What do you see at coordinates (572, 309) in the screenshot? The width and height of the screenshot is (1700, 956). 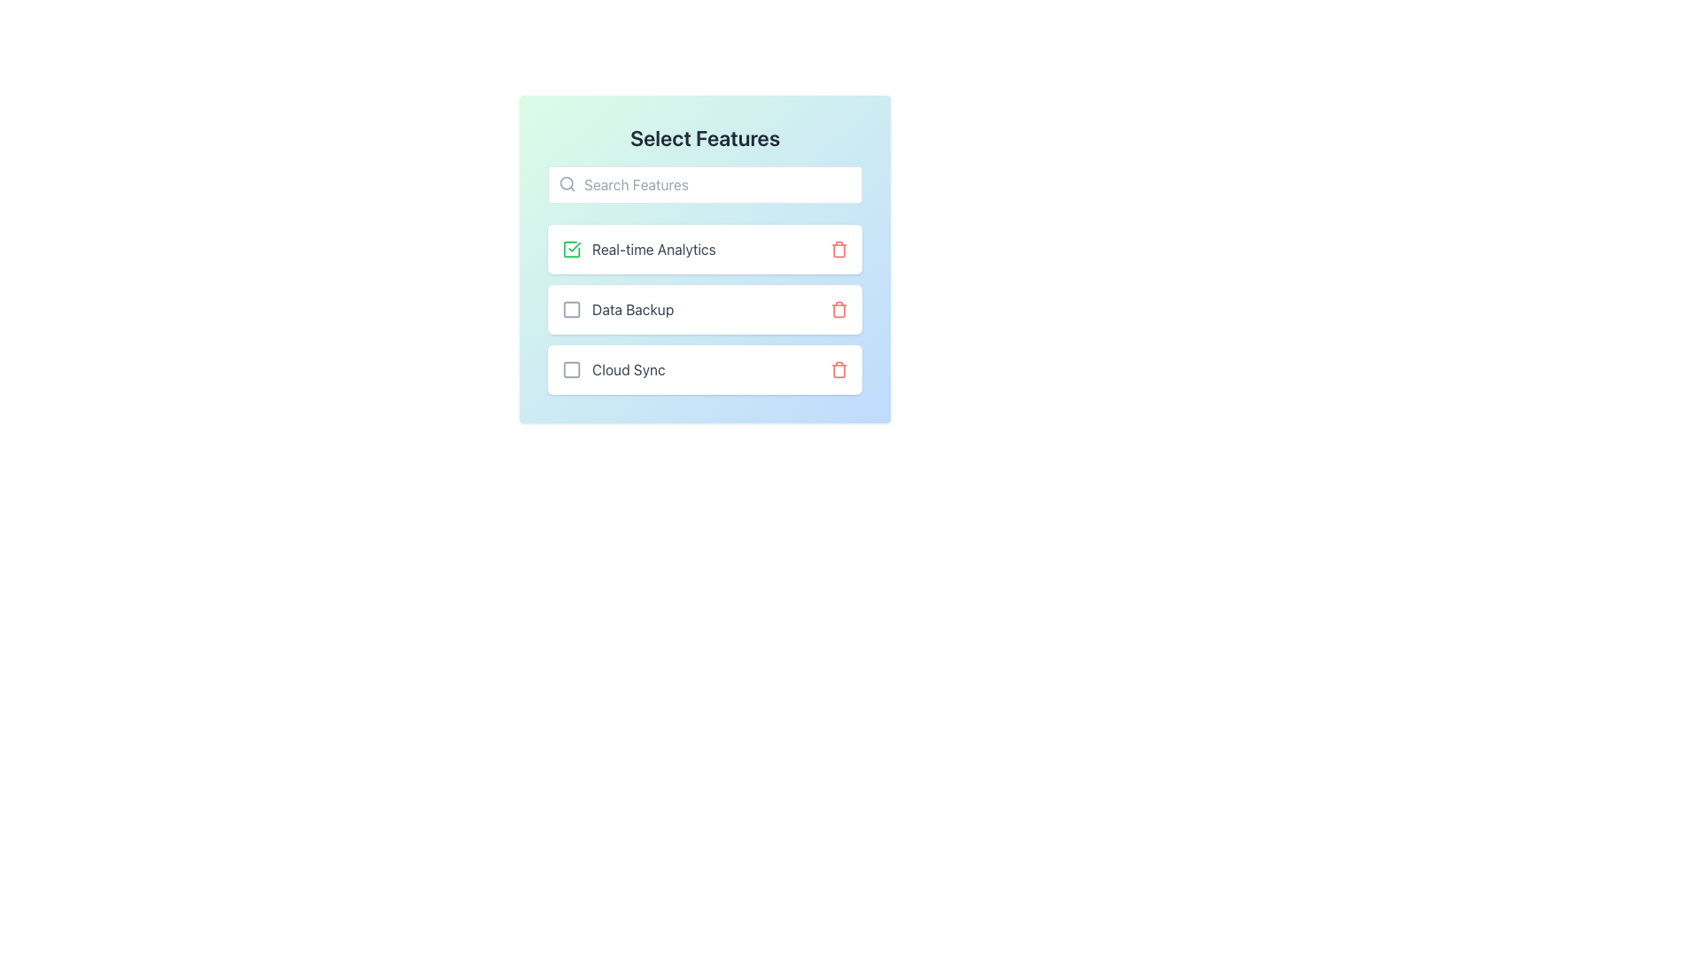 I see `the square-shaped checkbox icon` at bounding box center [572, 309].